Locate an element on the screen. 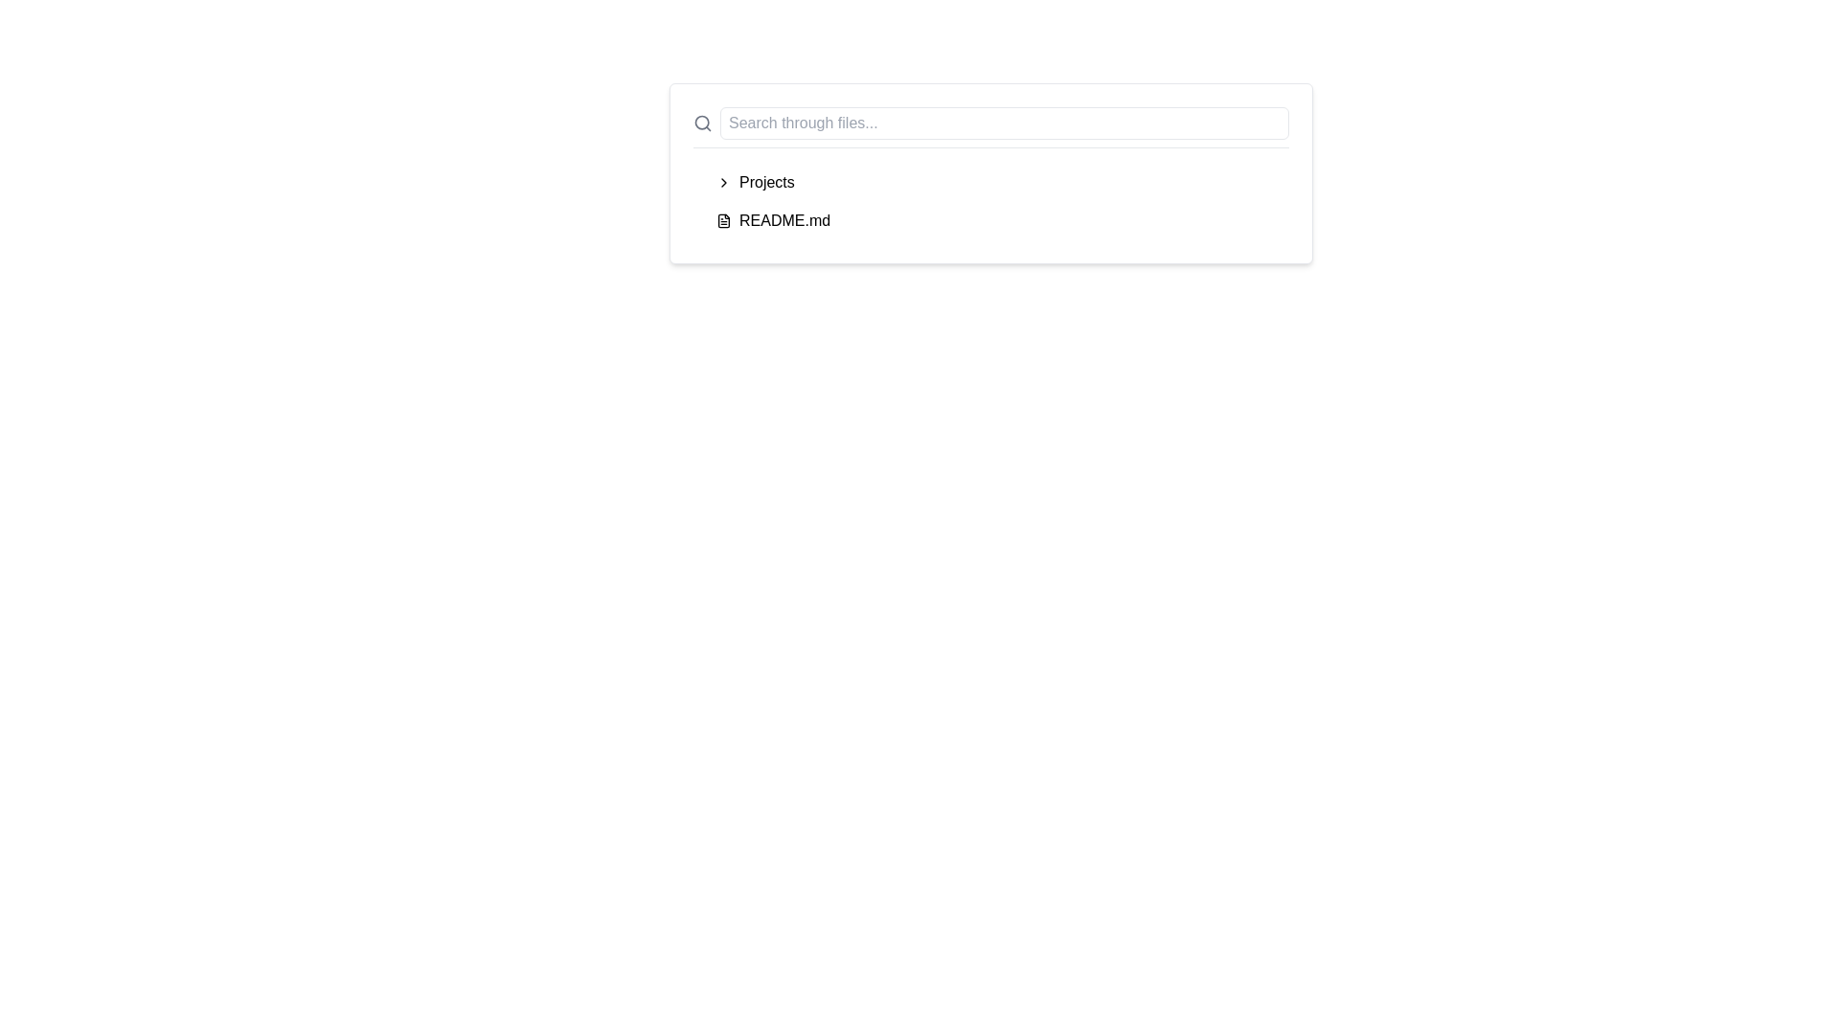 Image resolution: width=1839 pixels, height=1034 pixels. the navigational icon associated with the 'Projects' section to interact is located at coordinates (722, 183).